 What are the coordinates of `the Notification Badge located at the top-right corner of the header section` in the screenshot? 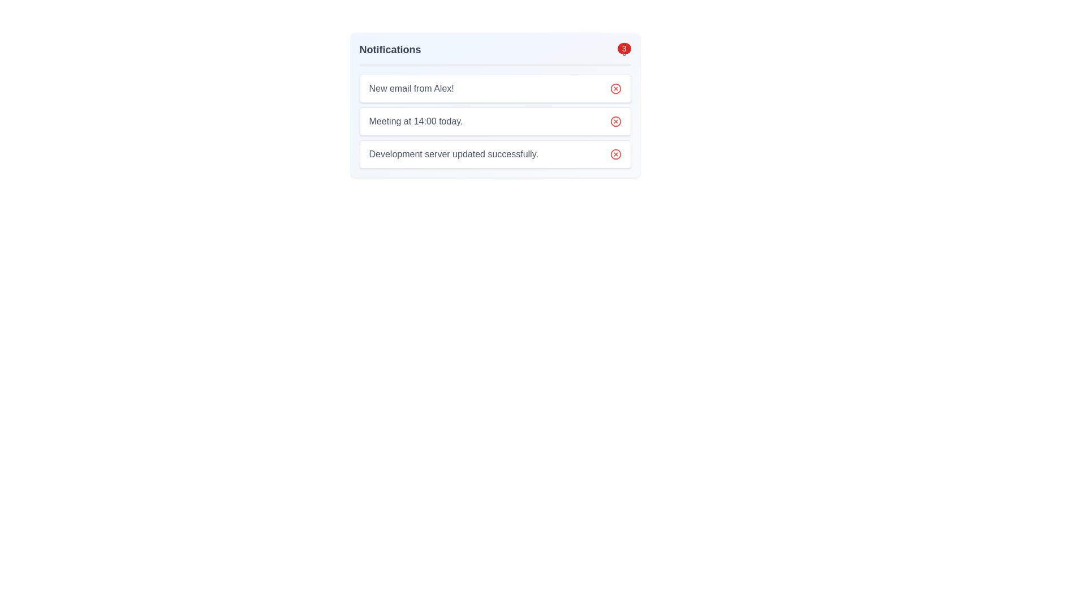 It's located at (623, 49).